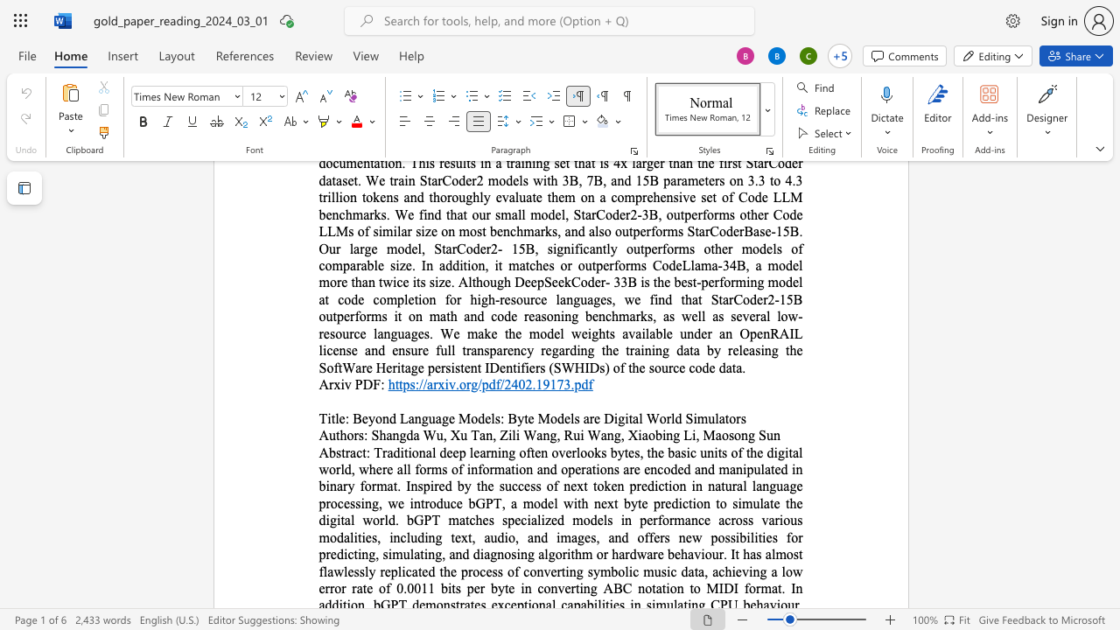 The width and height of the screenshot is (1120, 630). I want to click on the space between the continuous character "/" and "a" in the text, so click(427, 383).